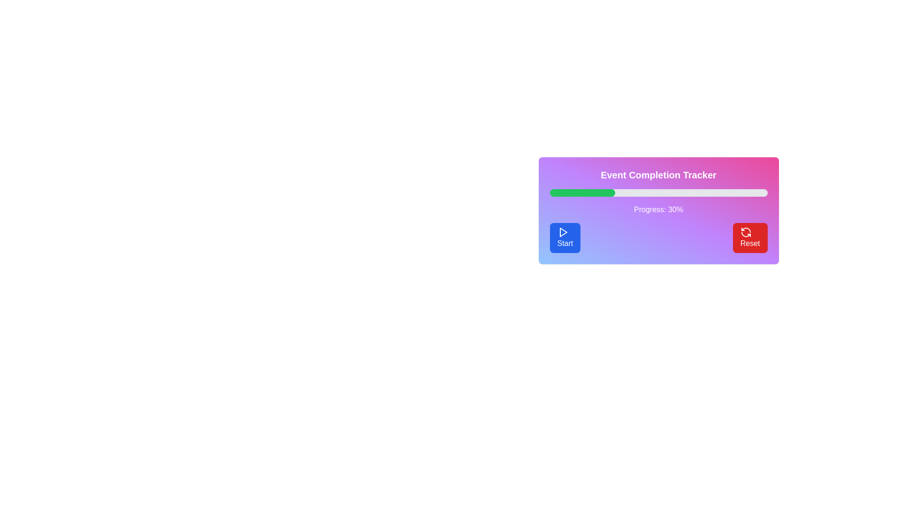 The image size is (901, 507). I want to click on the green progress bar segment labeled 'Progress: 30%' within the 'Event Completion Tracker' interface, so click(582, 192).